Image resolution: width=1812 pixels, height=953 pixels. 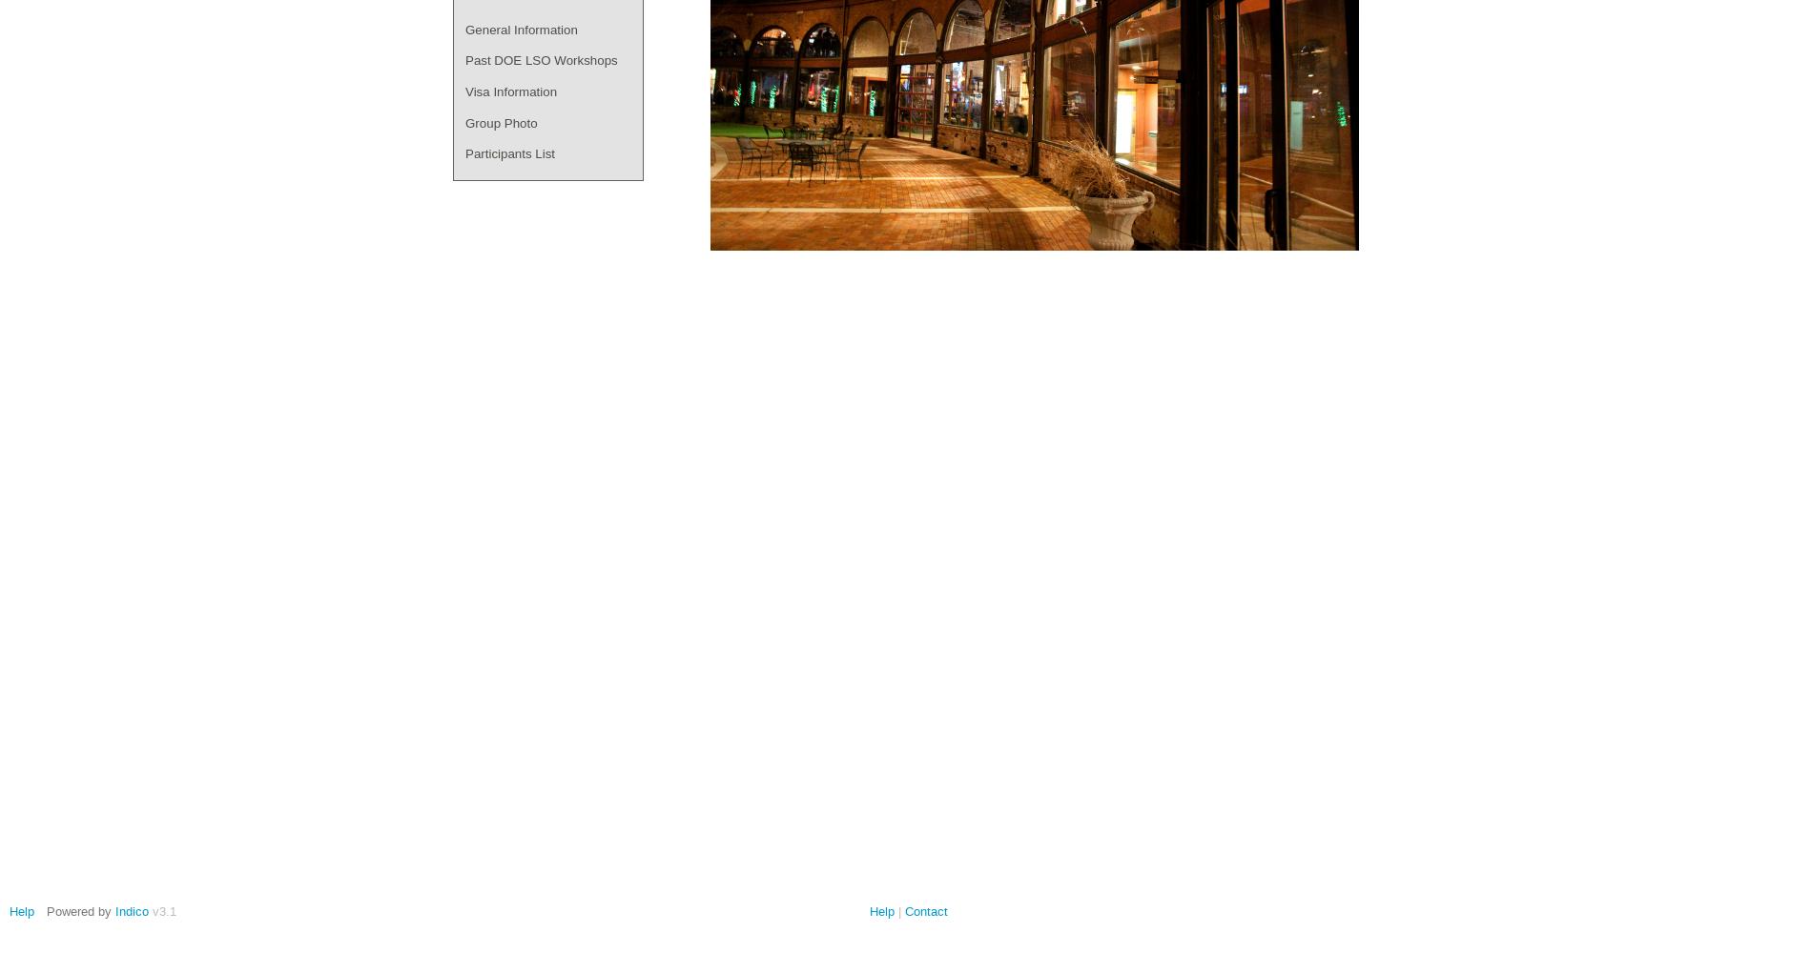 What do you see at coordinates (521, 29) in the screenshot?
I see `'General Information'` at bounding box center [521, 29].